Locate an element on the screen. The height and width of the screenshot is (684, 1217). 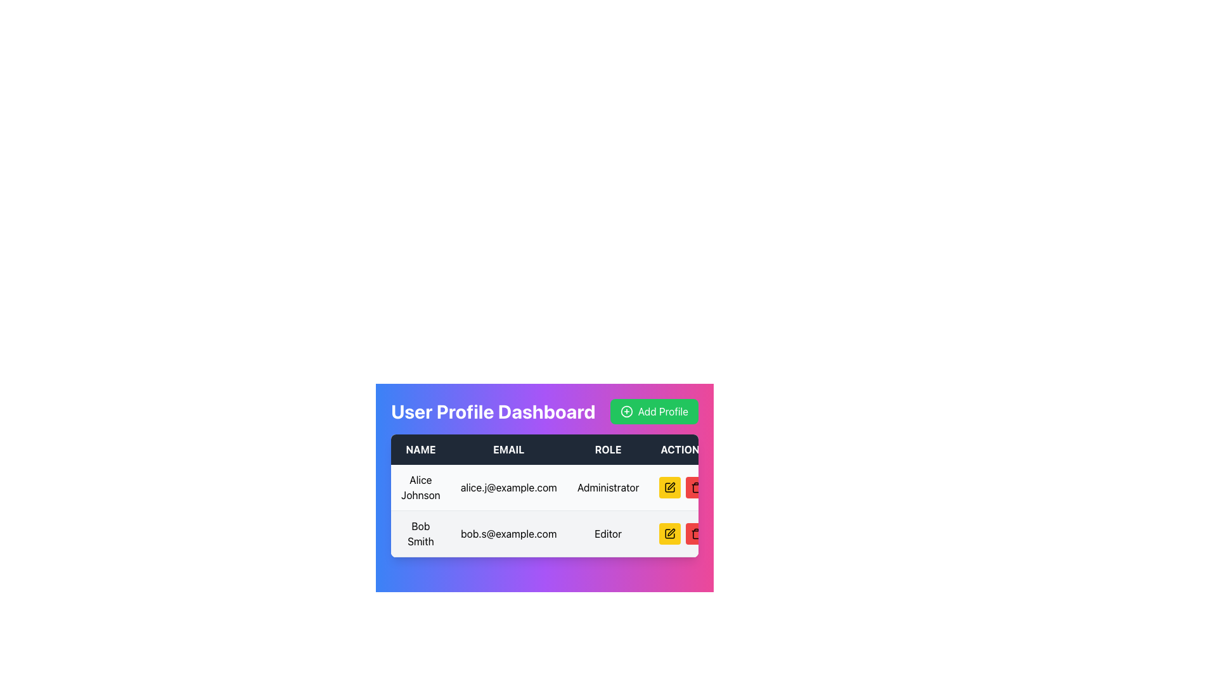
the yellow edit button with a black pen icon located in the 'ACTION' column of the user profile table to initiate the edit action is located at coordinates (669, 487).